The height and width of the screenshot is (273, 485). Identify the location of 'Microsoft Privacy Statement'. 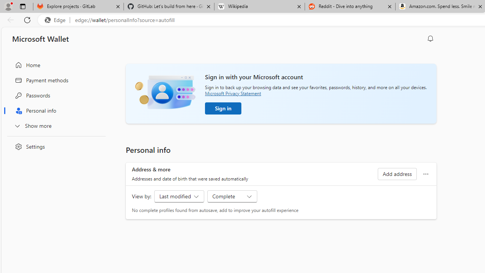
(233, 93).